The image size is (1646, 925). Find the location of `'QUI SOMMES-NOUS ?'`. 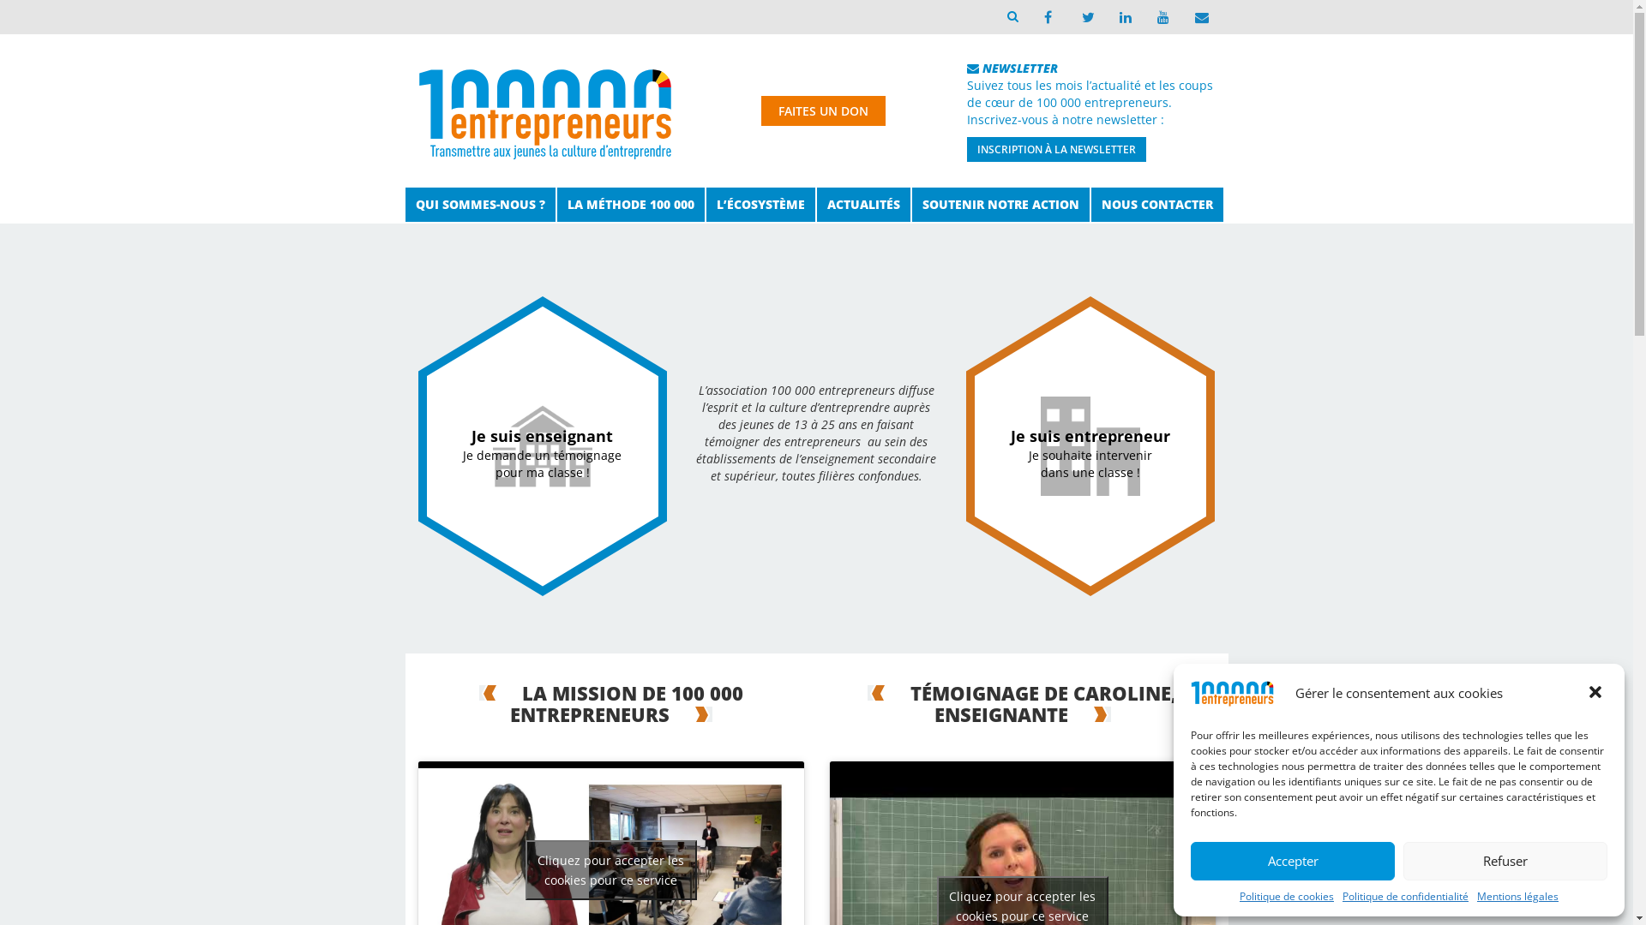

'QUI SOMMES-NOUS ?' is located at coordinates (479, 204).